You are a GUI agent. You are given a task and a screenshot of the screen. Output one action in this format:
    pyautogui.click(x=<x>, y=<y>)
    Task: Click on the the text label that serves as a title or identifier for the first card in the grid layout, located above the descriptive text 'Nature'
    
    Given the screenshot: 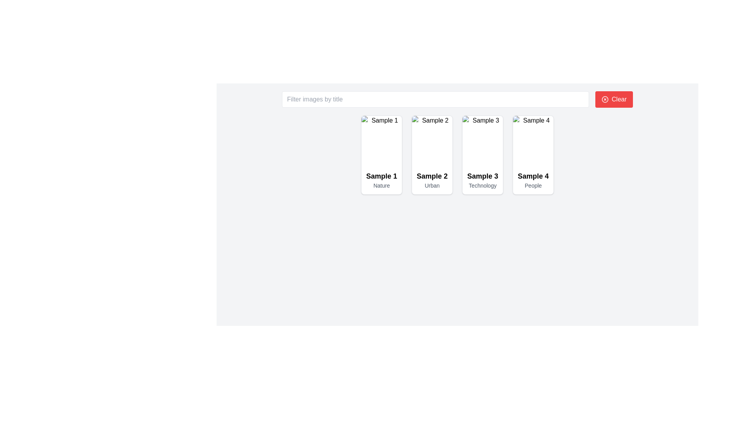 What is the action you would take?
    pyautogui.click(x=381, y=176)
    